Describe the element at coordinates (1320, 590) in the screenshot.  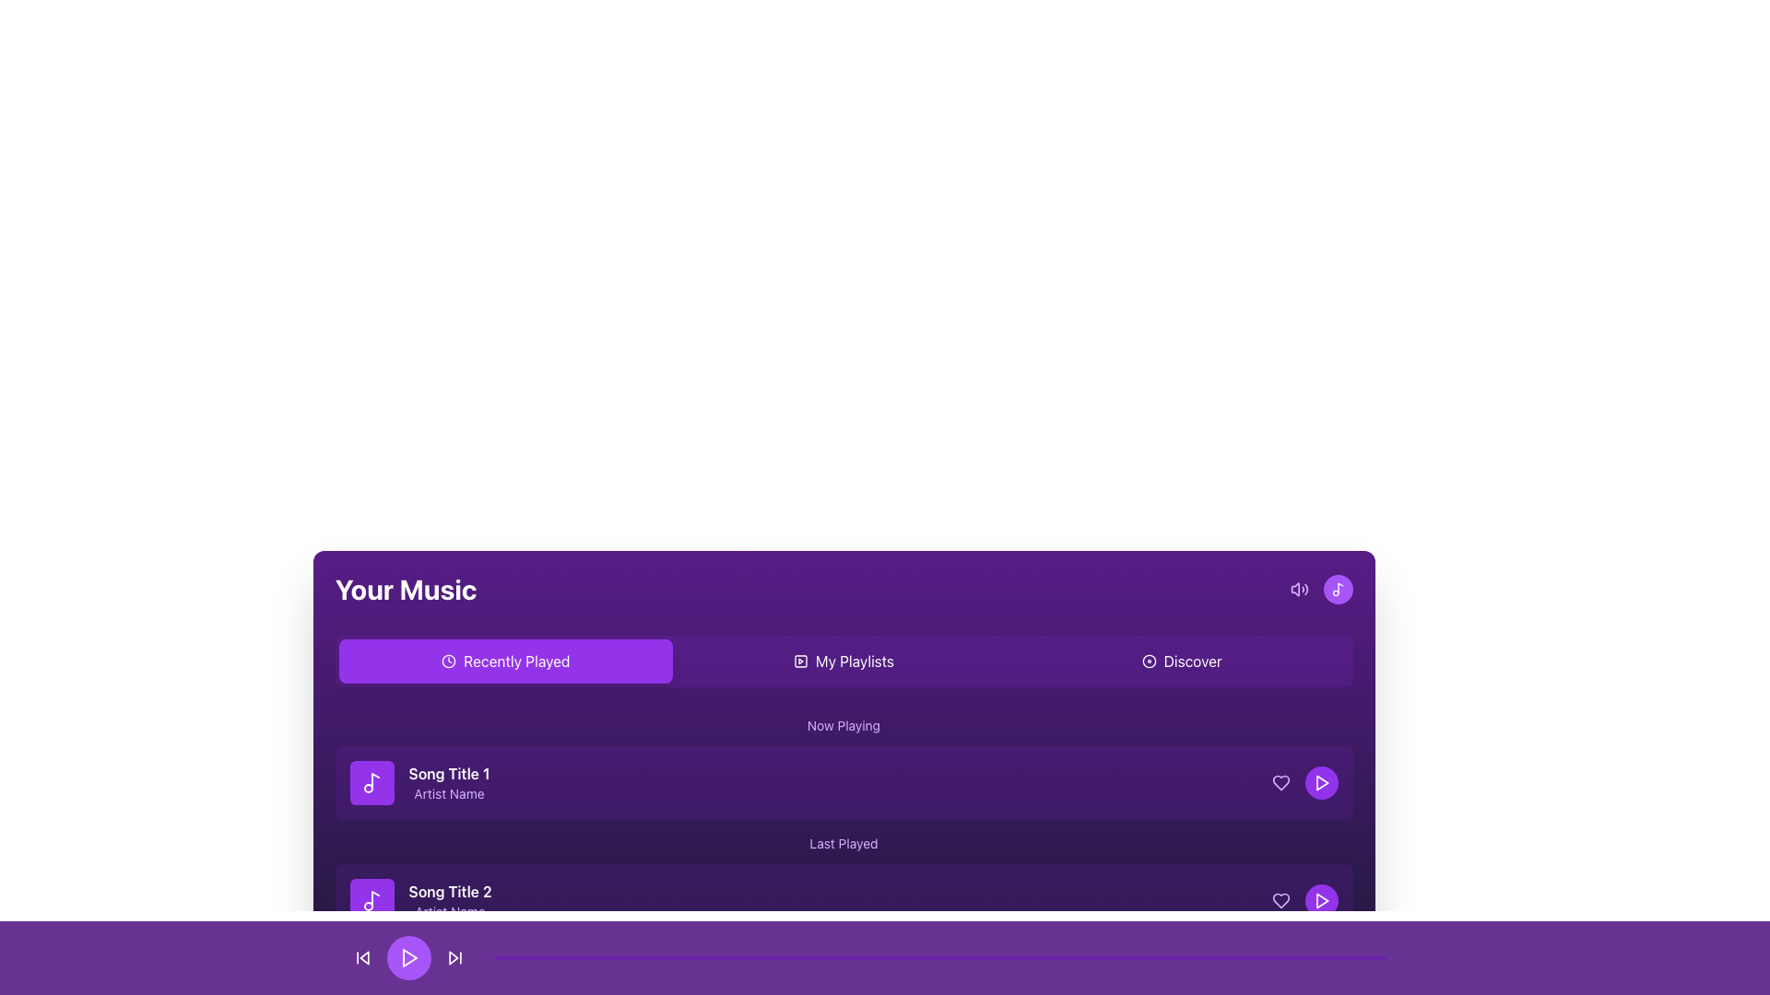
I see `the button located at the top-right corner of the 'Your Music' section, immediately to the right of the volume icon` at that location.